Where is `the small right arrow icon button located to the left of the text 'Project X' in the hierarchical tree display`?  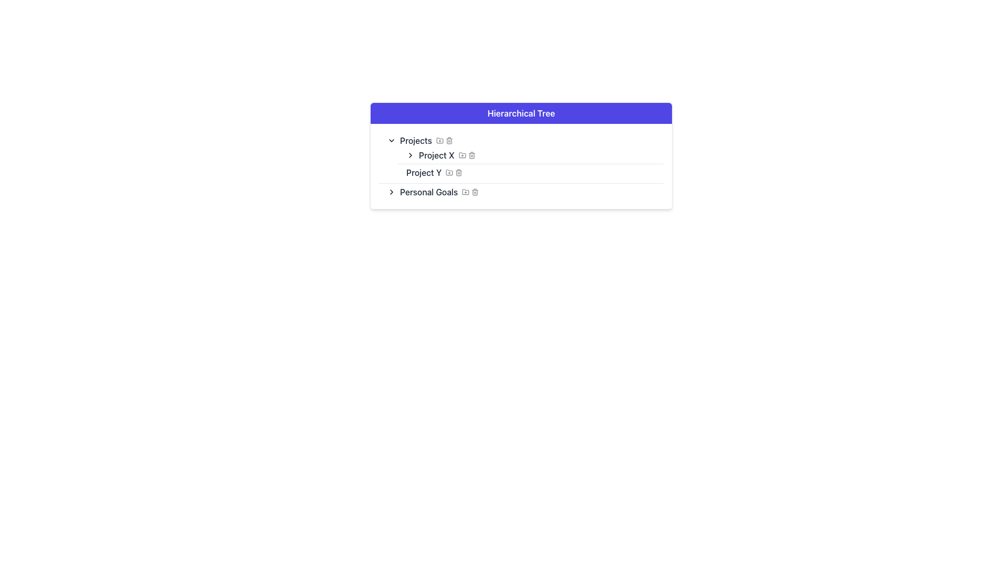 the small right arrow icon button located to the left of the text 'Project X' in the hierarchical tree display is located at coordinates (410, 155).